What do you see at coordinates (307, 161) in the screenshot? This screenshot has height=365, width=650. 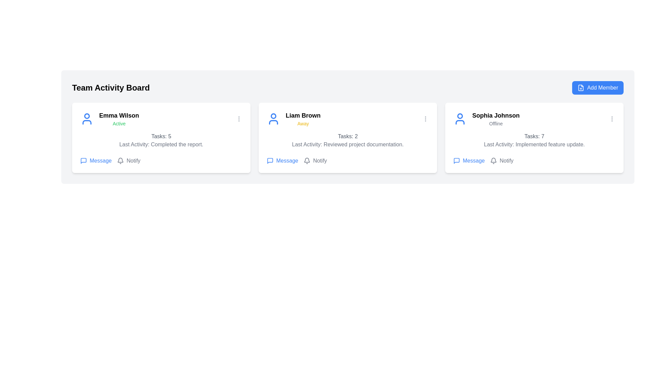 I see `the bell icon with a gray outline located to the left of the 'Notify' text in the second user card` at bounding box center [307, 161].